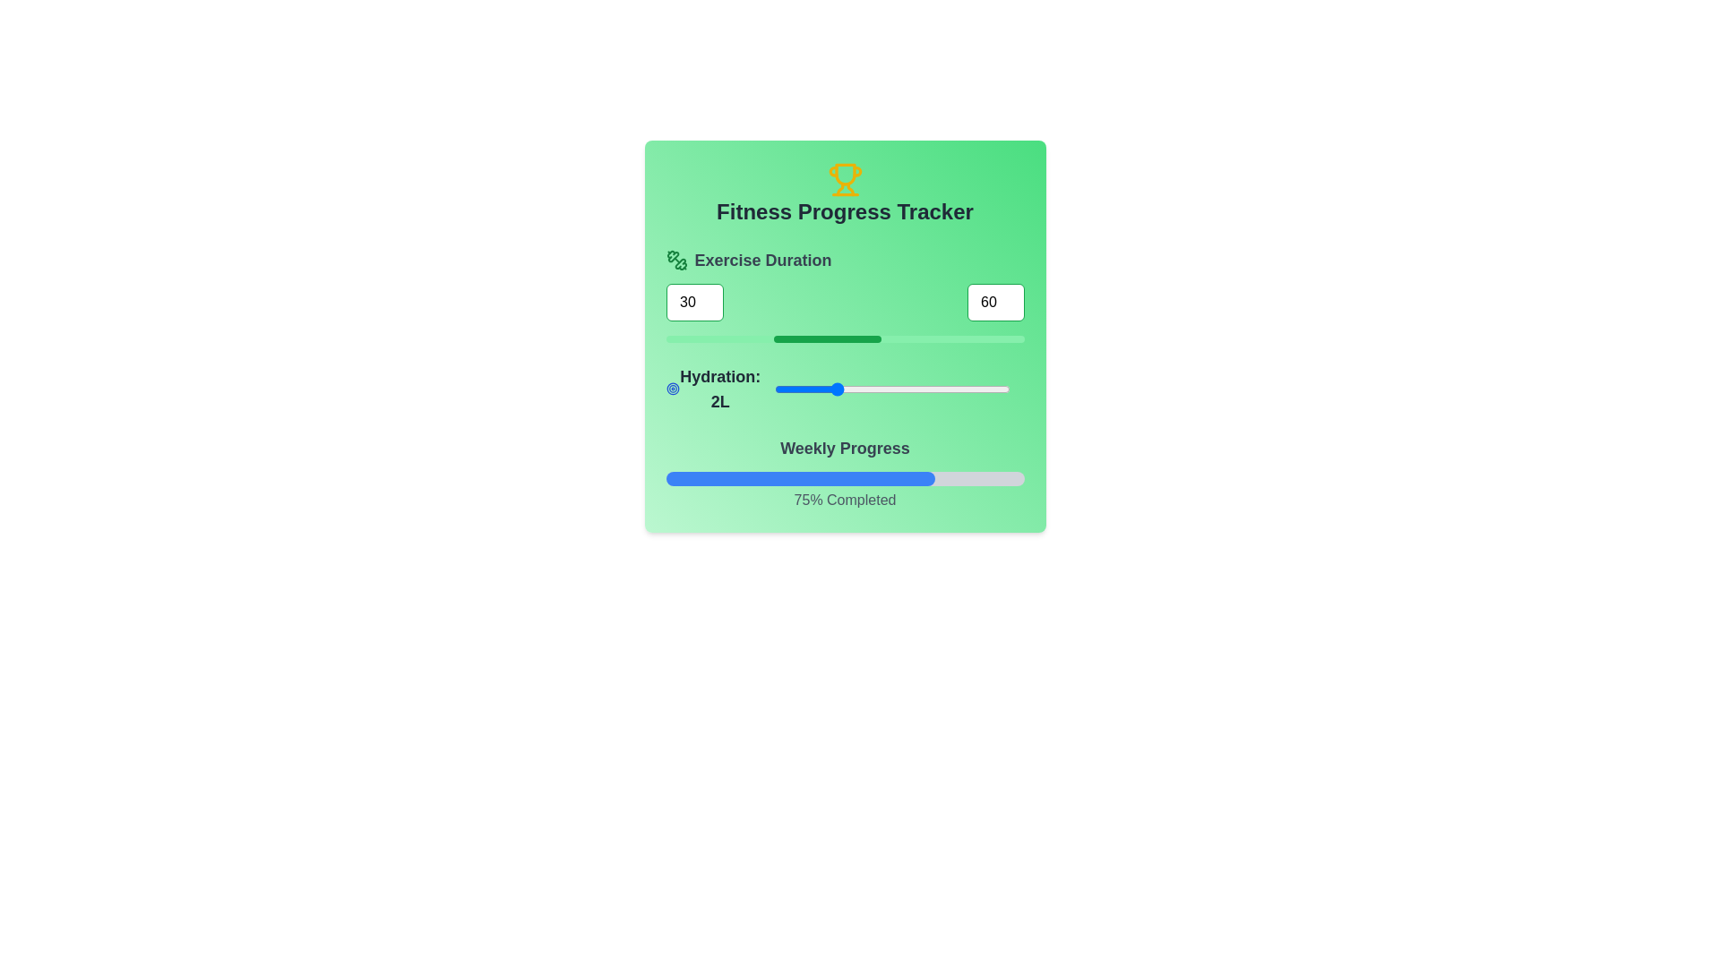 The image size is (1720, 967). I want to click on the progress bar located at the bottom of the 'Weekly Progress' section, which has a gray background and a blue filled section covering approximately 75% of its width, so click(844, 478).